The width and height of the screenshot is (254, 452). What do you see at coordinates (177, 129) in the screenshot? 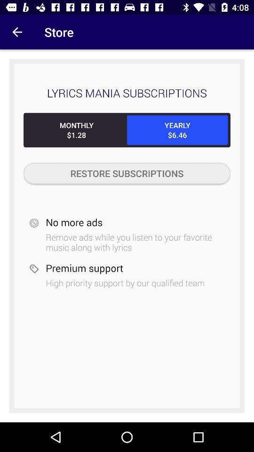
I see `the icon at the top right corner` at bounding box center [177, 129].